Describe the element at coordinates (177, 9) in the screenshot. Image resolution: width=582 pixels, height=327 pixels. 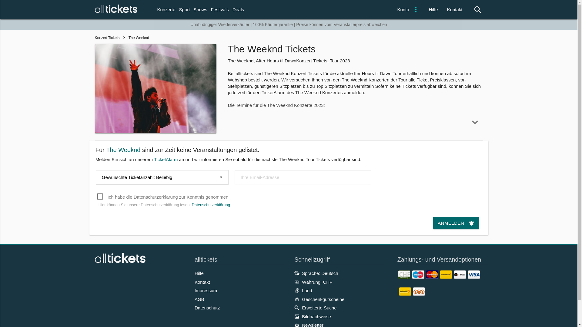
I see `'Sport'` at that location.